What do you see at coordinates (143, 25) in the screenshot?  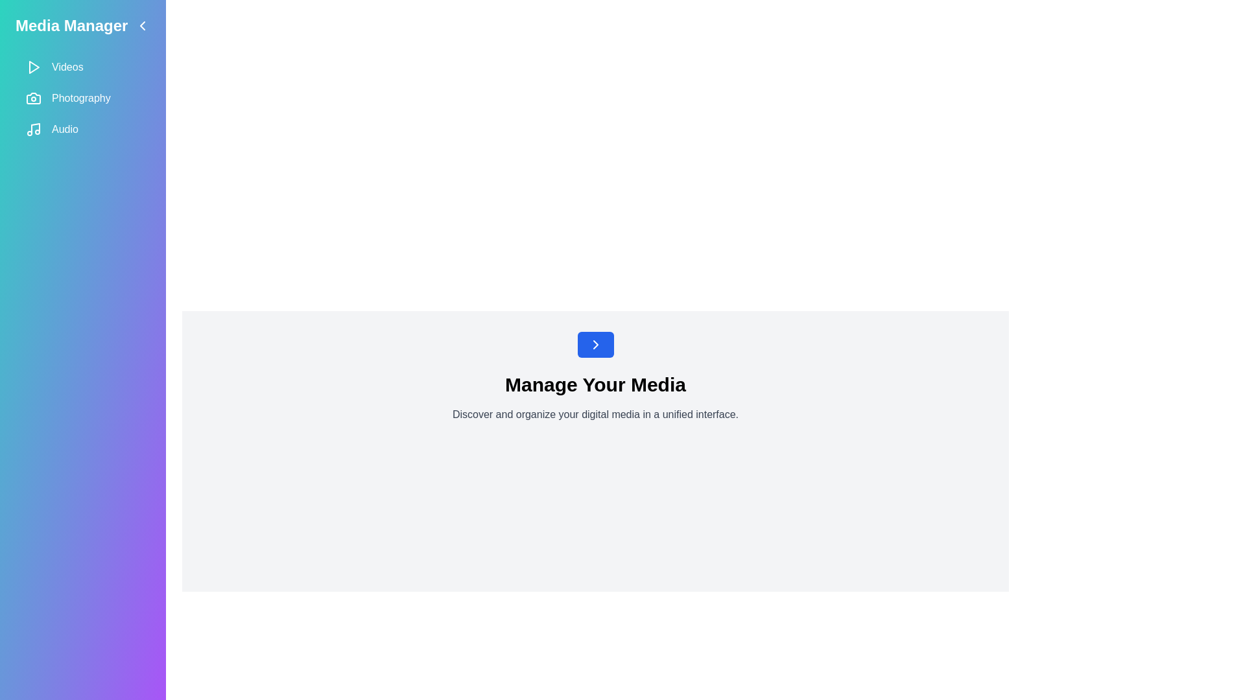 I see `the arrow button to toggle the sidebar visibility` at bounding box center [143, 25].